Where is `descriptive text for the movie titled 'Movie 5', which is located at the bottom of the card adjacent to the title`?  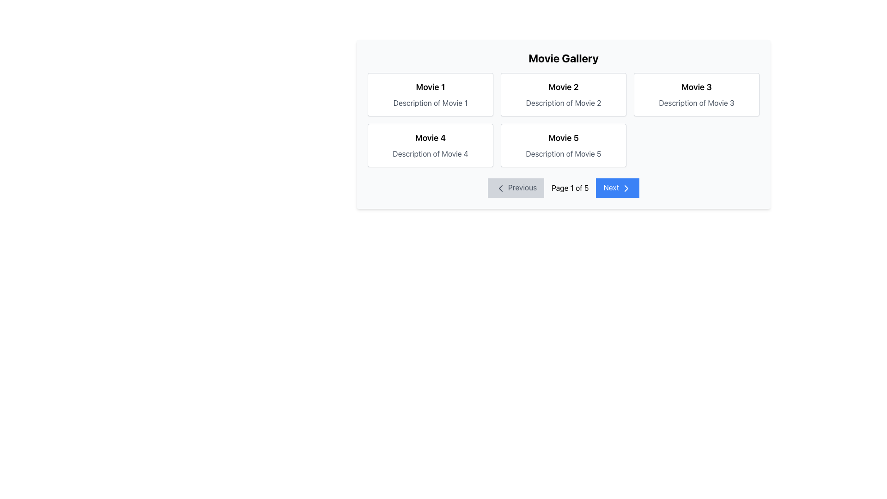 descriptive text for the movie titled 'Movie 5', which is located at the bottom of the card adjacent to the title is located at coordinates (563, 153).